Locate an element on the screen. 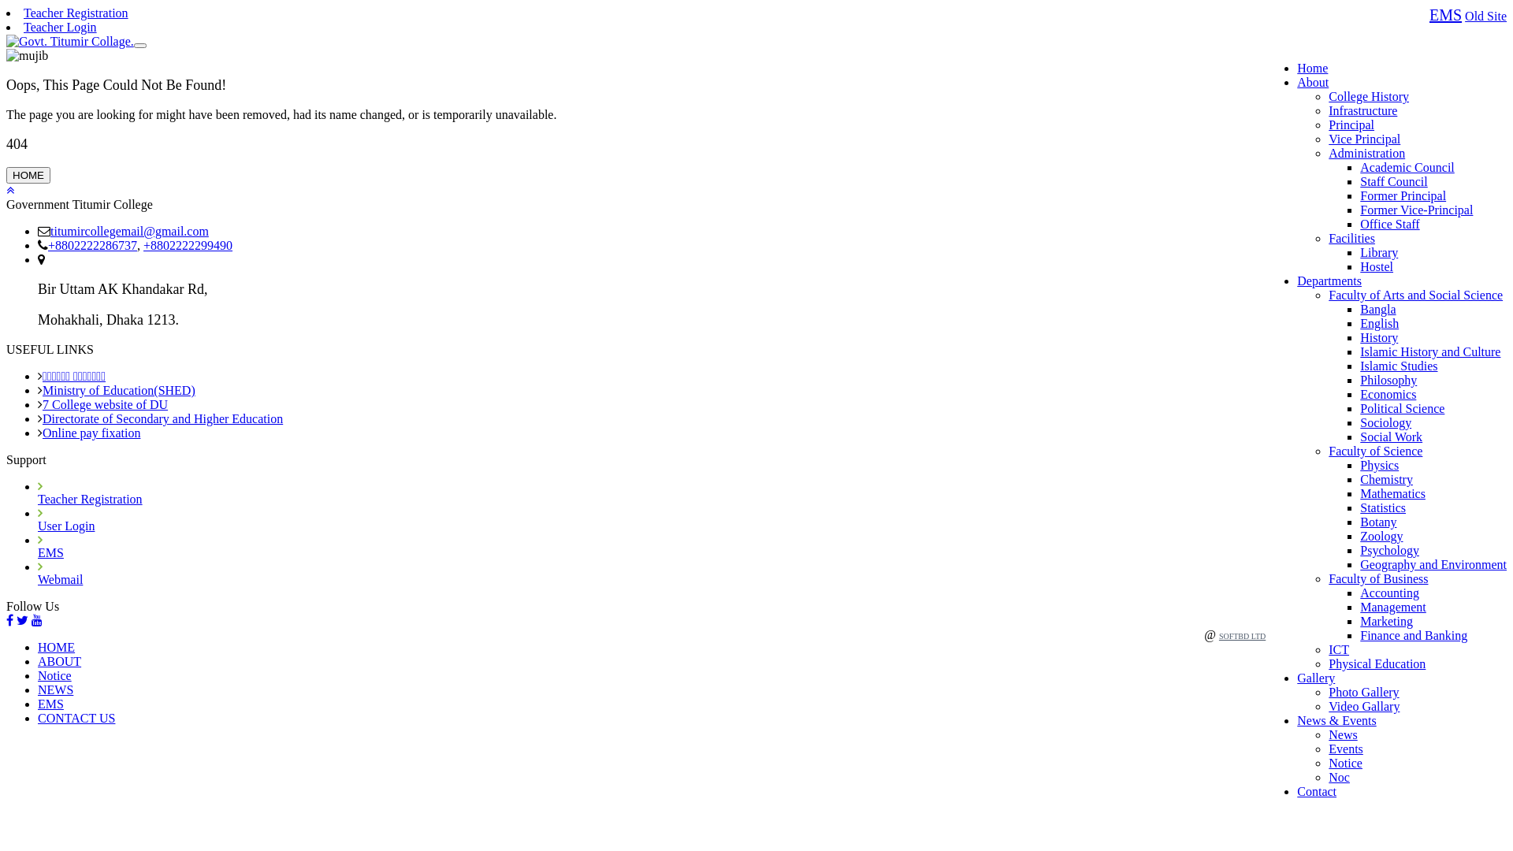 This screenshot has height=851, width=1513. 'Former Vice-Principal' is located at coordinates (1416, 209).